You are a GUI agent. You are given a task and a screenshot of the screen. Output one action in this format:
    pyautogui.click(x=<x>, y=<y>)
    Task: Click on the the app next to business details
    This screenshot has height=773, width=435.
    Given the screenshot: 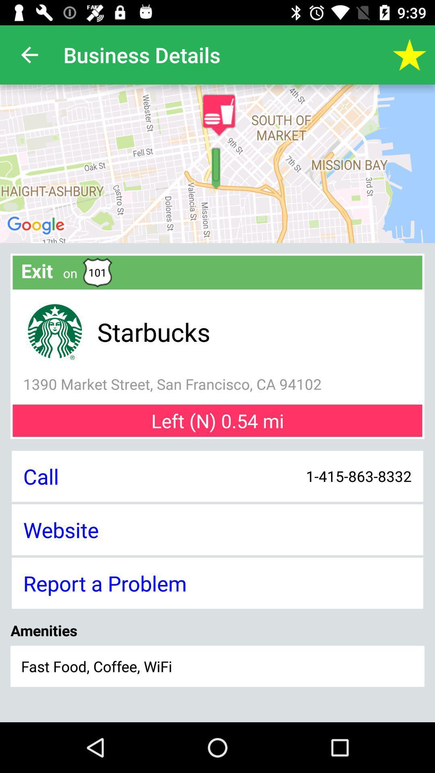 What is the action you would take?
    pyautogui.click(x=410, y=54)
    